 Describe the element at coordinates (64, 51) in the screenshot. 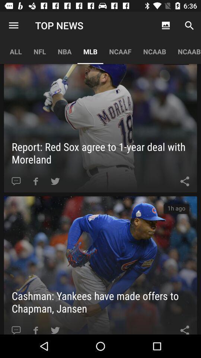

I see `item to the right of the nfl` at that location.